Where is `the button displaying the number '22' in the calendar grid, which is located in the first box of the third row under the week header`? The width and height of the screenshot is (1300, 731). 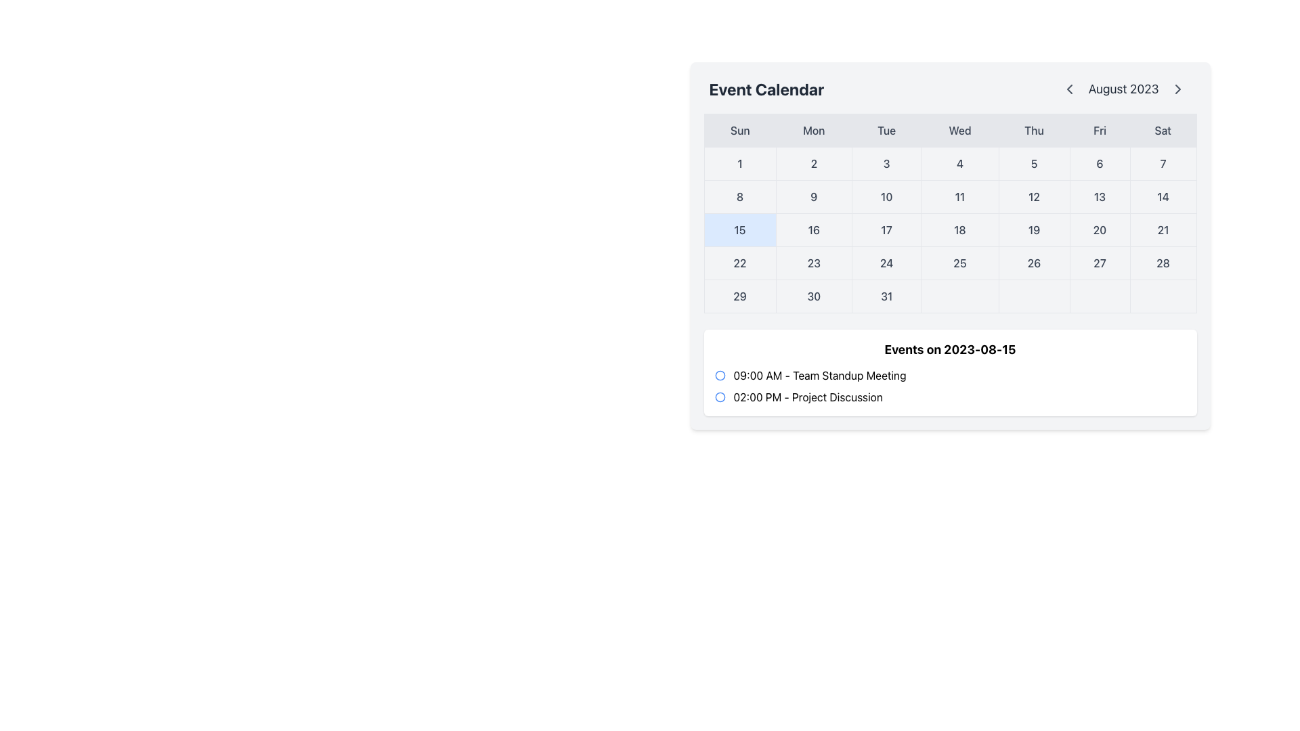 the button displaying the number '22' in the calendar grid, which is located in the first box of the third row under the week header is located at coordinates (739, 263).